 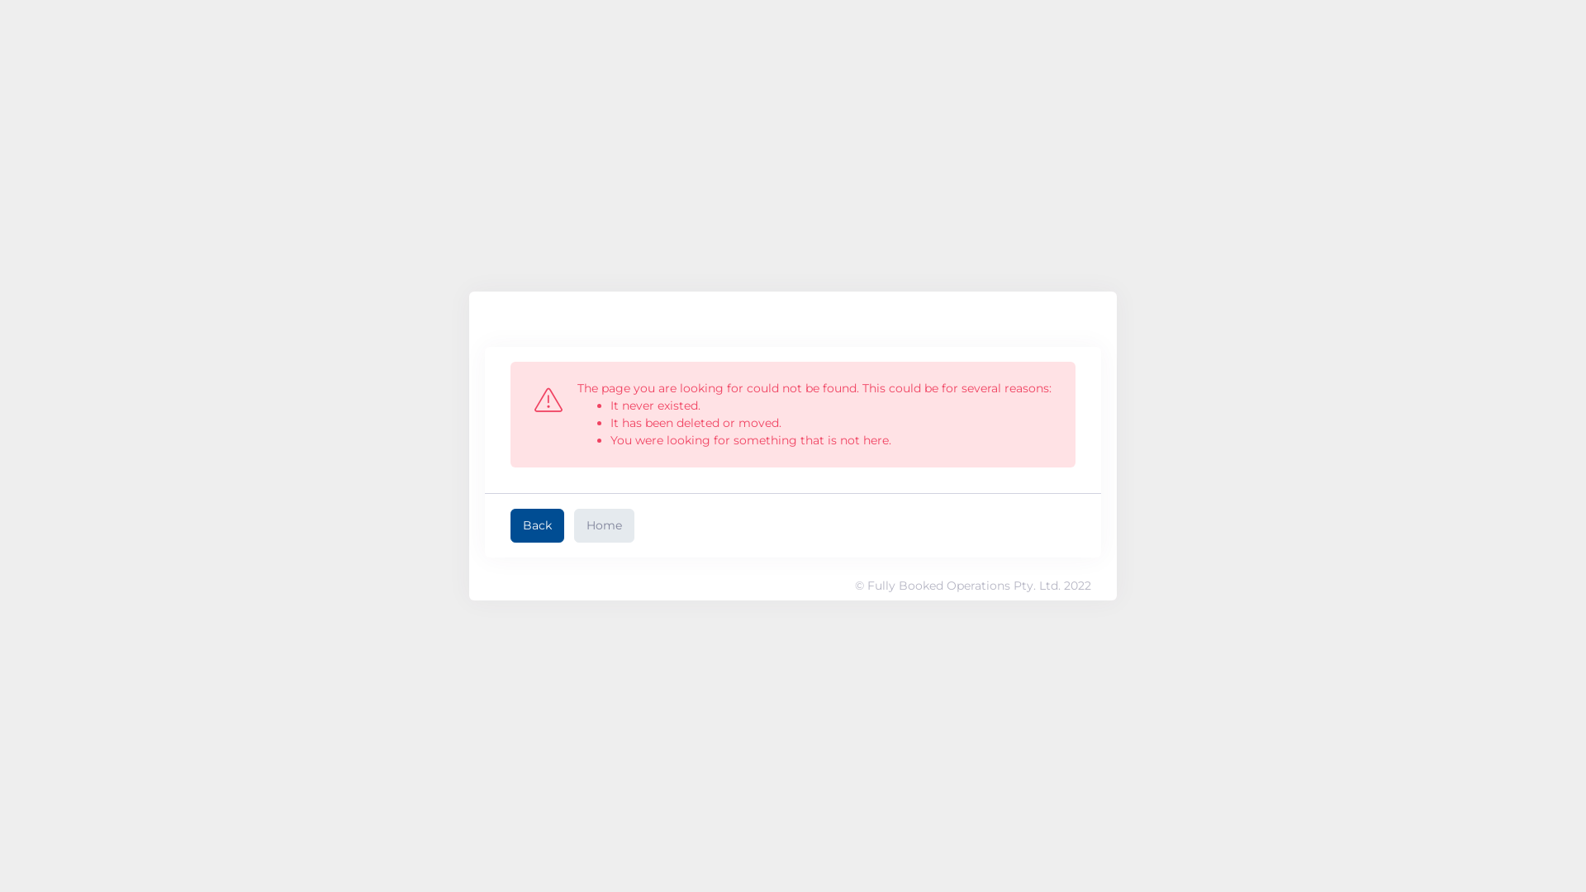 I want to click on 'Back', so click(x=537, y=525).